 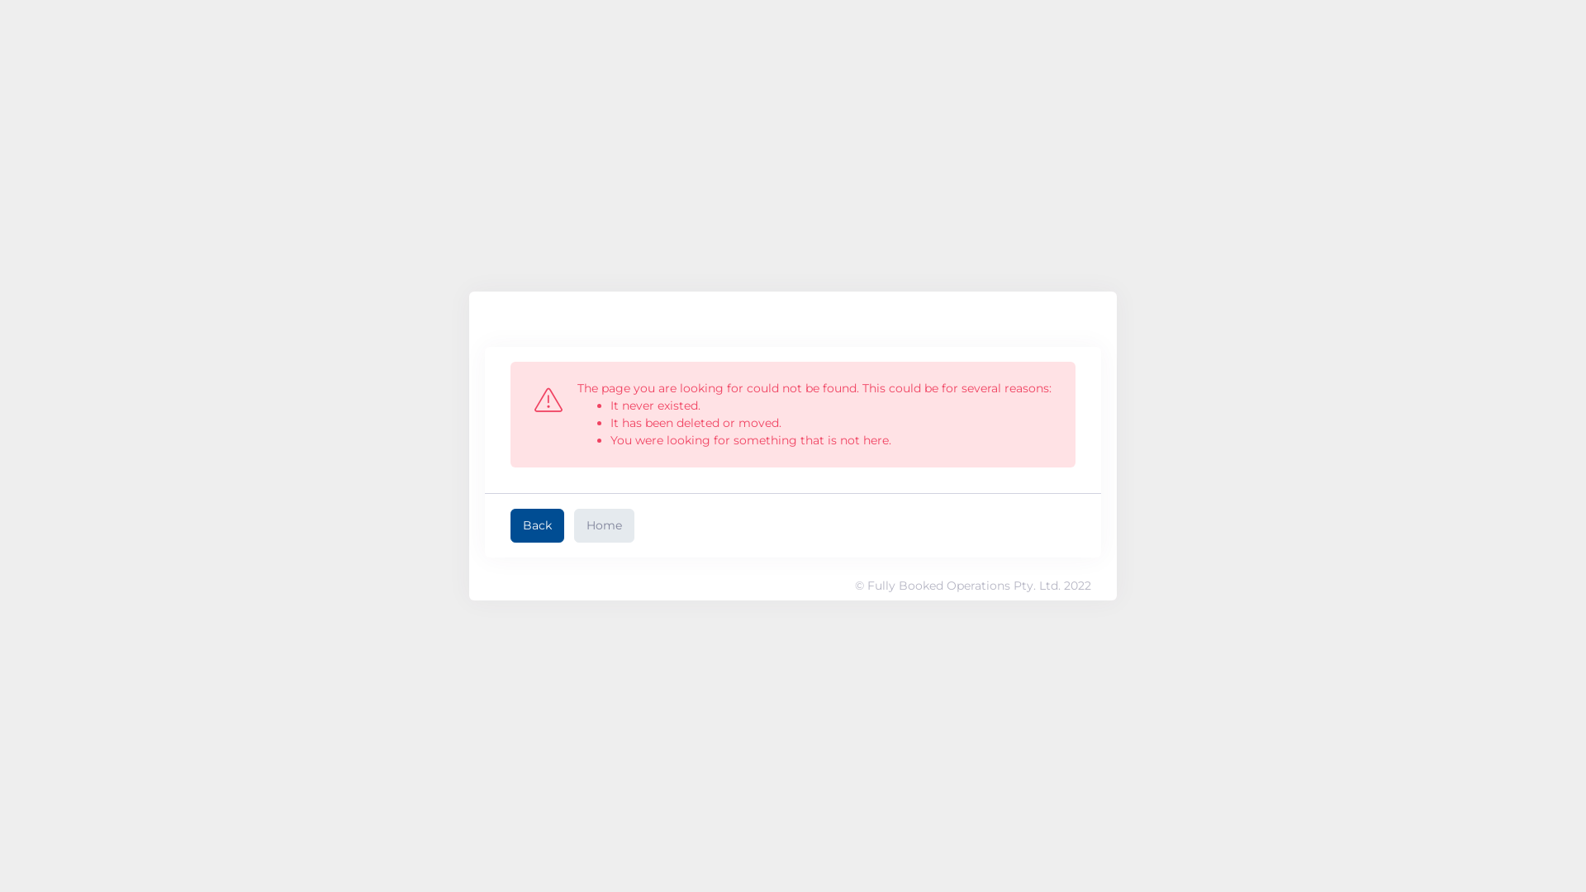 I want to click on 'Back', so click(x=537, y=525).